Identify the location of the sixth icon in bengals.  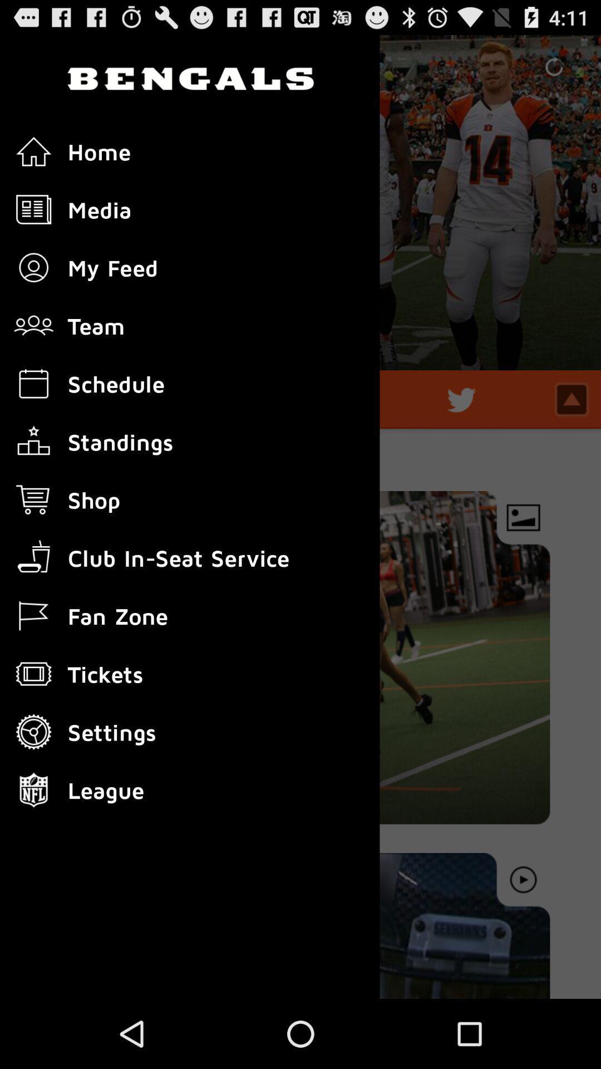
(33, 441).